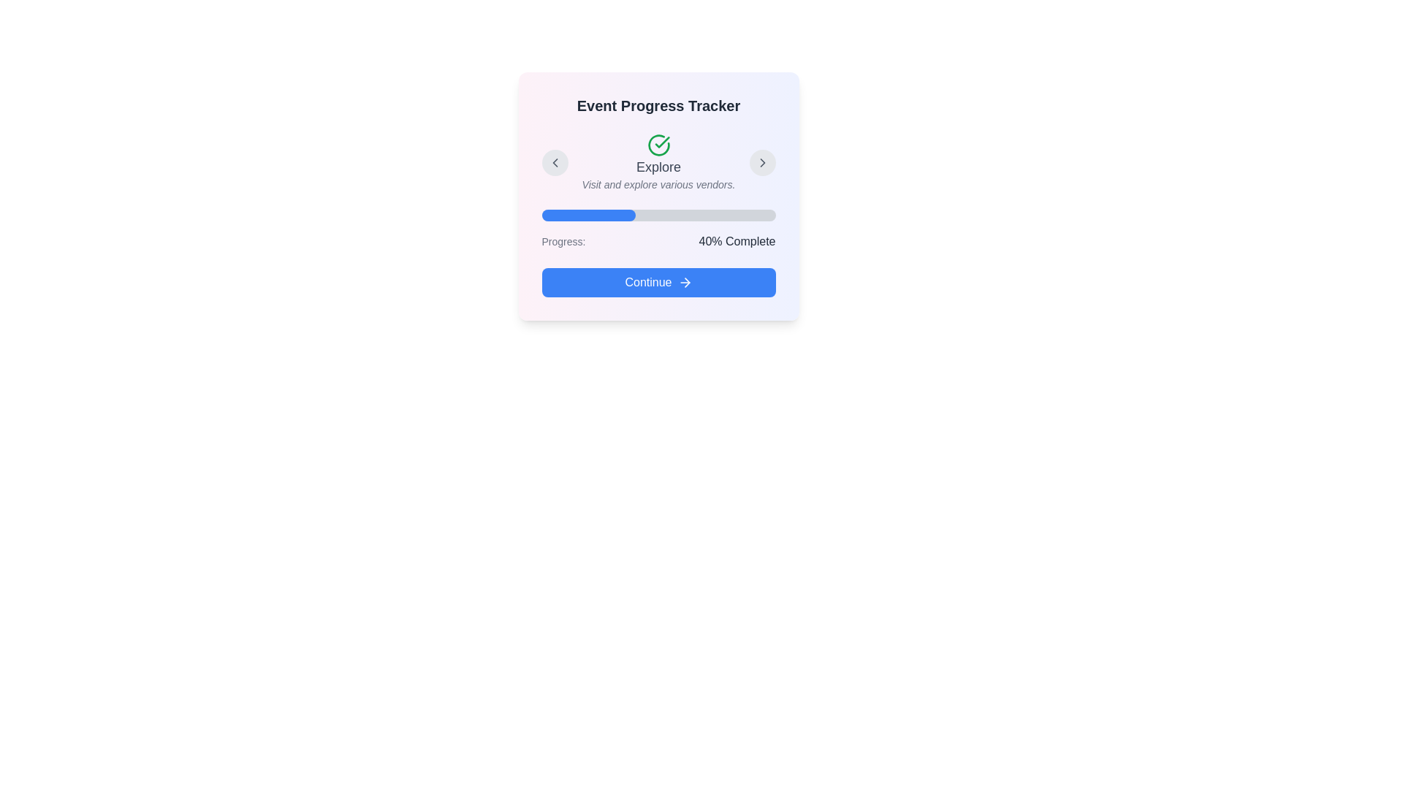 This screenshot has width=1403, height=789. Describe the element at coordinates (554, 163) in the screenshot. I see `the chevron-left arrow button, which is styled in gray and indicates navigation back, located in the top-left section of the main interactive card` at that location.